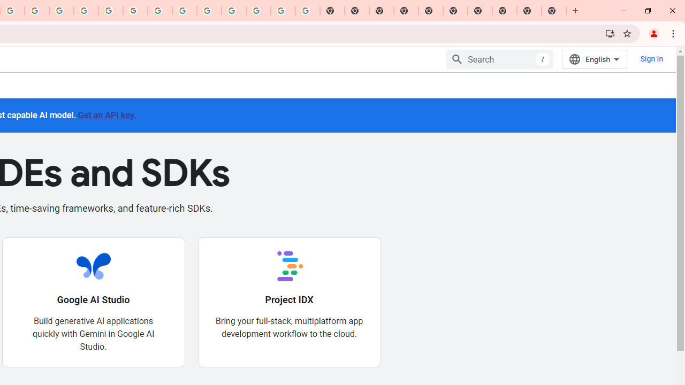  I want to click on 'Google AI Studio logo', so click(93, 265).